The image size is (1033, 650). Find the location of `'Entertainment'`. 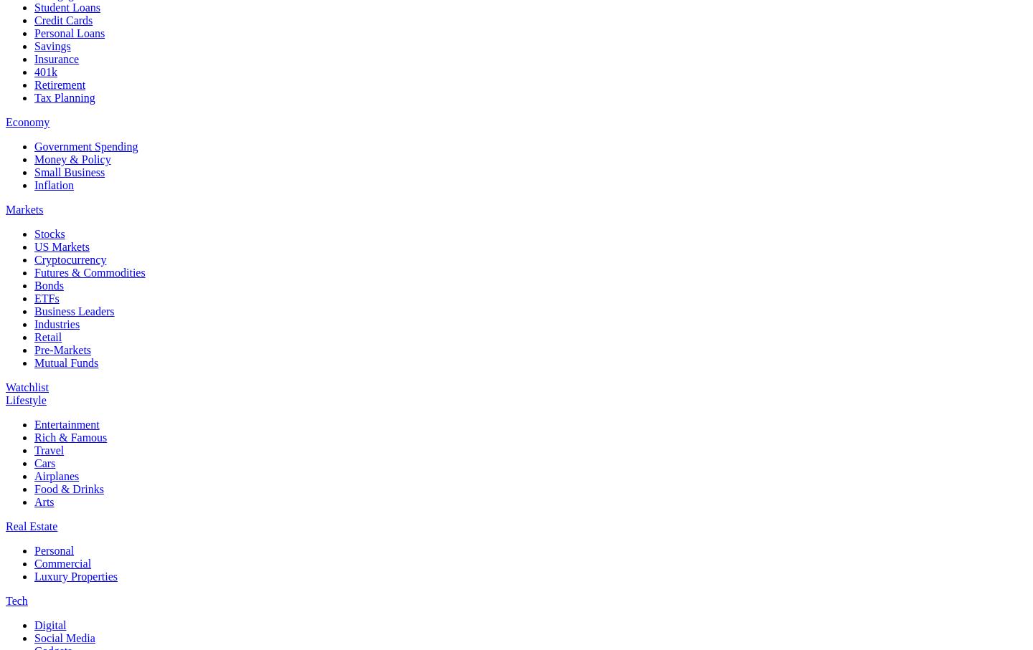

'Entertainment' is located at coordinates (67, 423).